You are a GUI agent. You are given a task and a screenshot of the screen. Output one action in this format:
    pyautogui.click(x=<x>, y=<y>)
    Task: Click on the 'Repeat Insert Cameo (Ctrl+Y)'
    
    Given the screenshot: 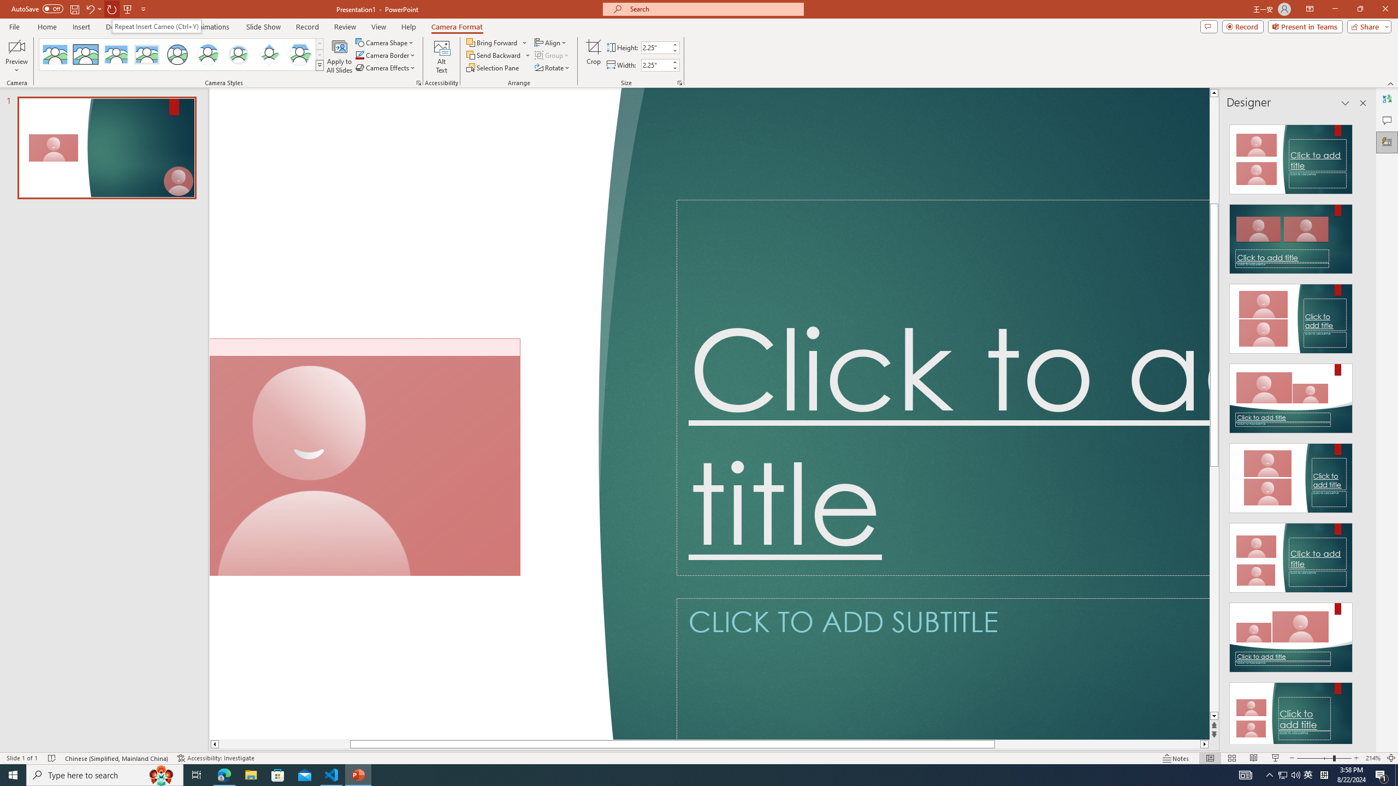 What is the action you would take?
    pyautogui.click(x=156, y=26)
    